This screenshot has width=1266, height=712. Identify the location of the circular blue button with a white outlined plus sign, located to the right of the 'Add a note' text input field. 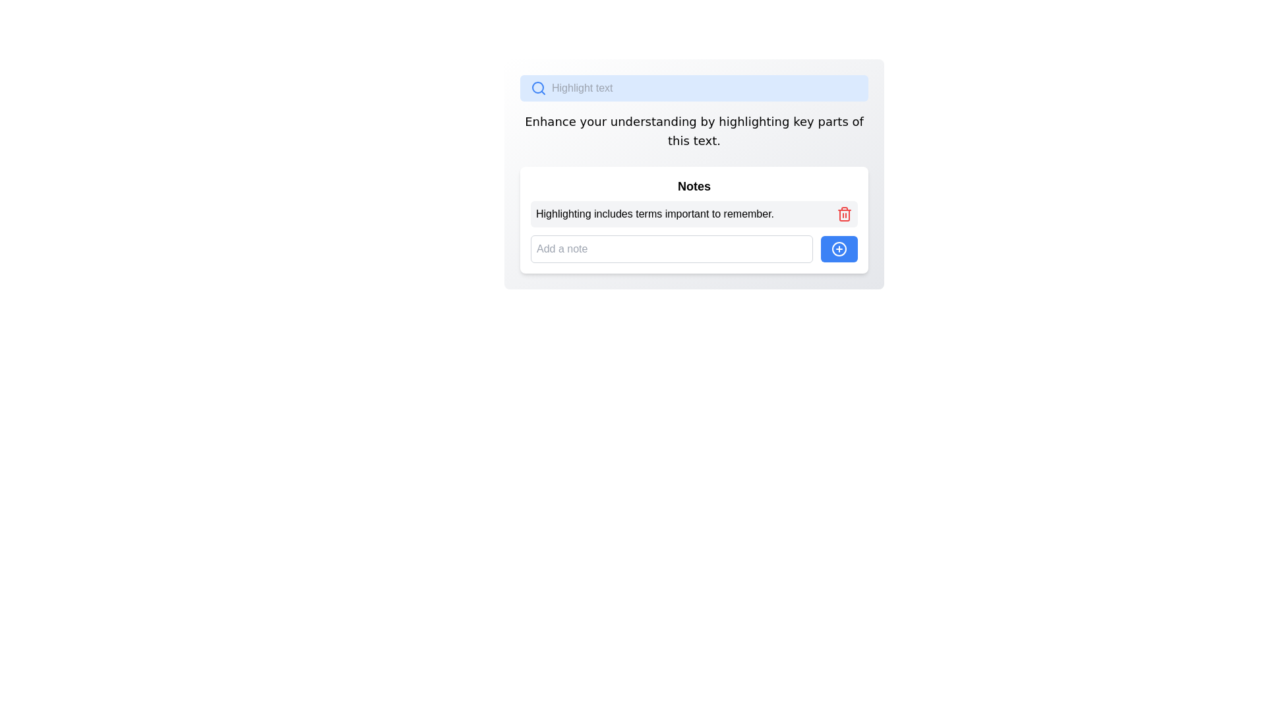
(838, 249).